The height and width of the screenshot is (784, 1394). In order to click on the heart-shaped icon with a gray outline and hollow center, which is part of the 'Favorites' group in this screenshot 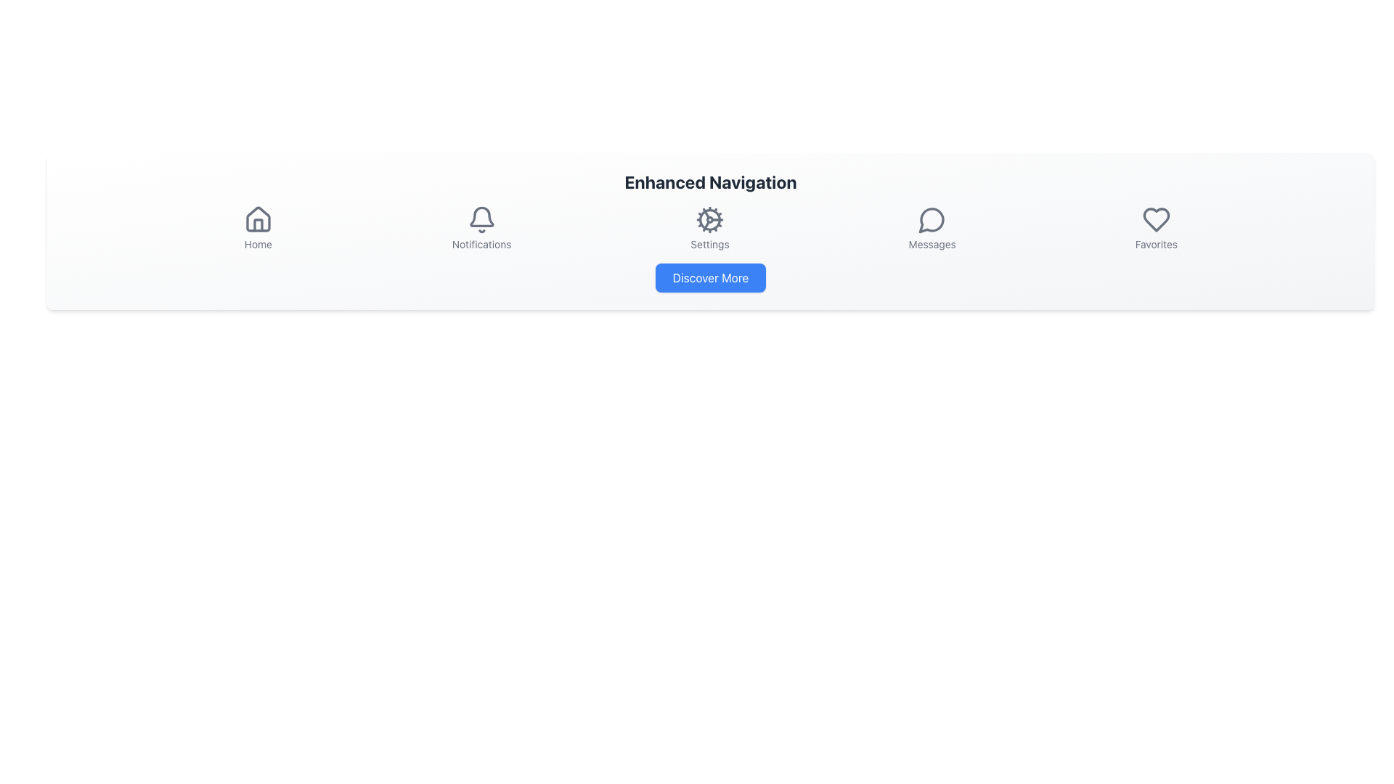, I will do `click(1155, 220)`.